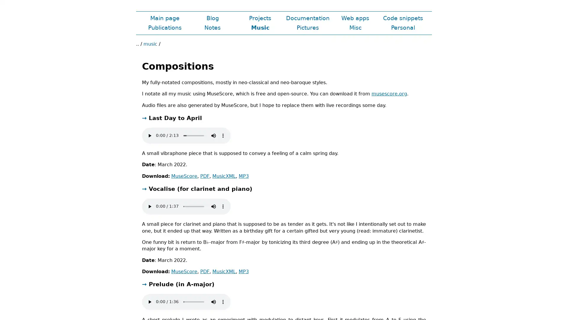 This screenshot has width=568, height=320. Describe the element at coordinates (149, 302) in the screenshot. I see `play` at that location.